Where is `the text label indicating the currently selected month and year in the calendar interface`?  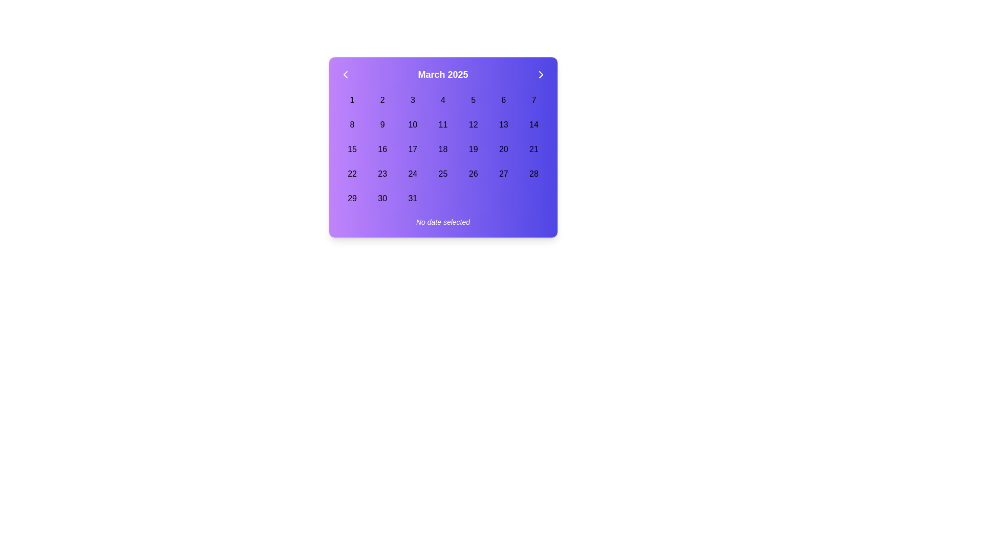 the text label indicating the currently selected month and year in the calendar interface is located at coordinates (443, 74).